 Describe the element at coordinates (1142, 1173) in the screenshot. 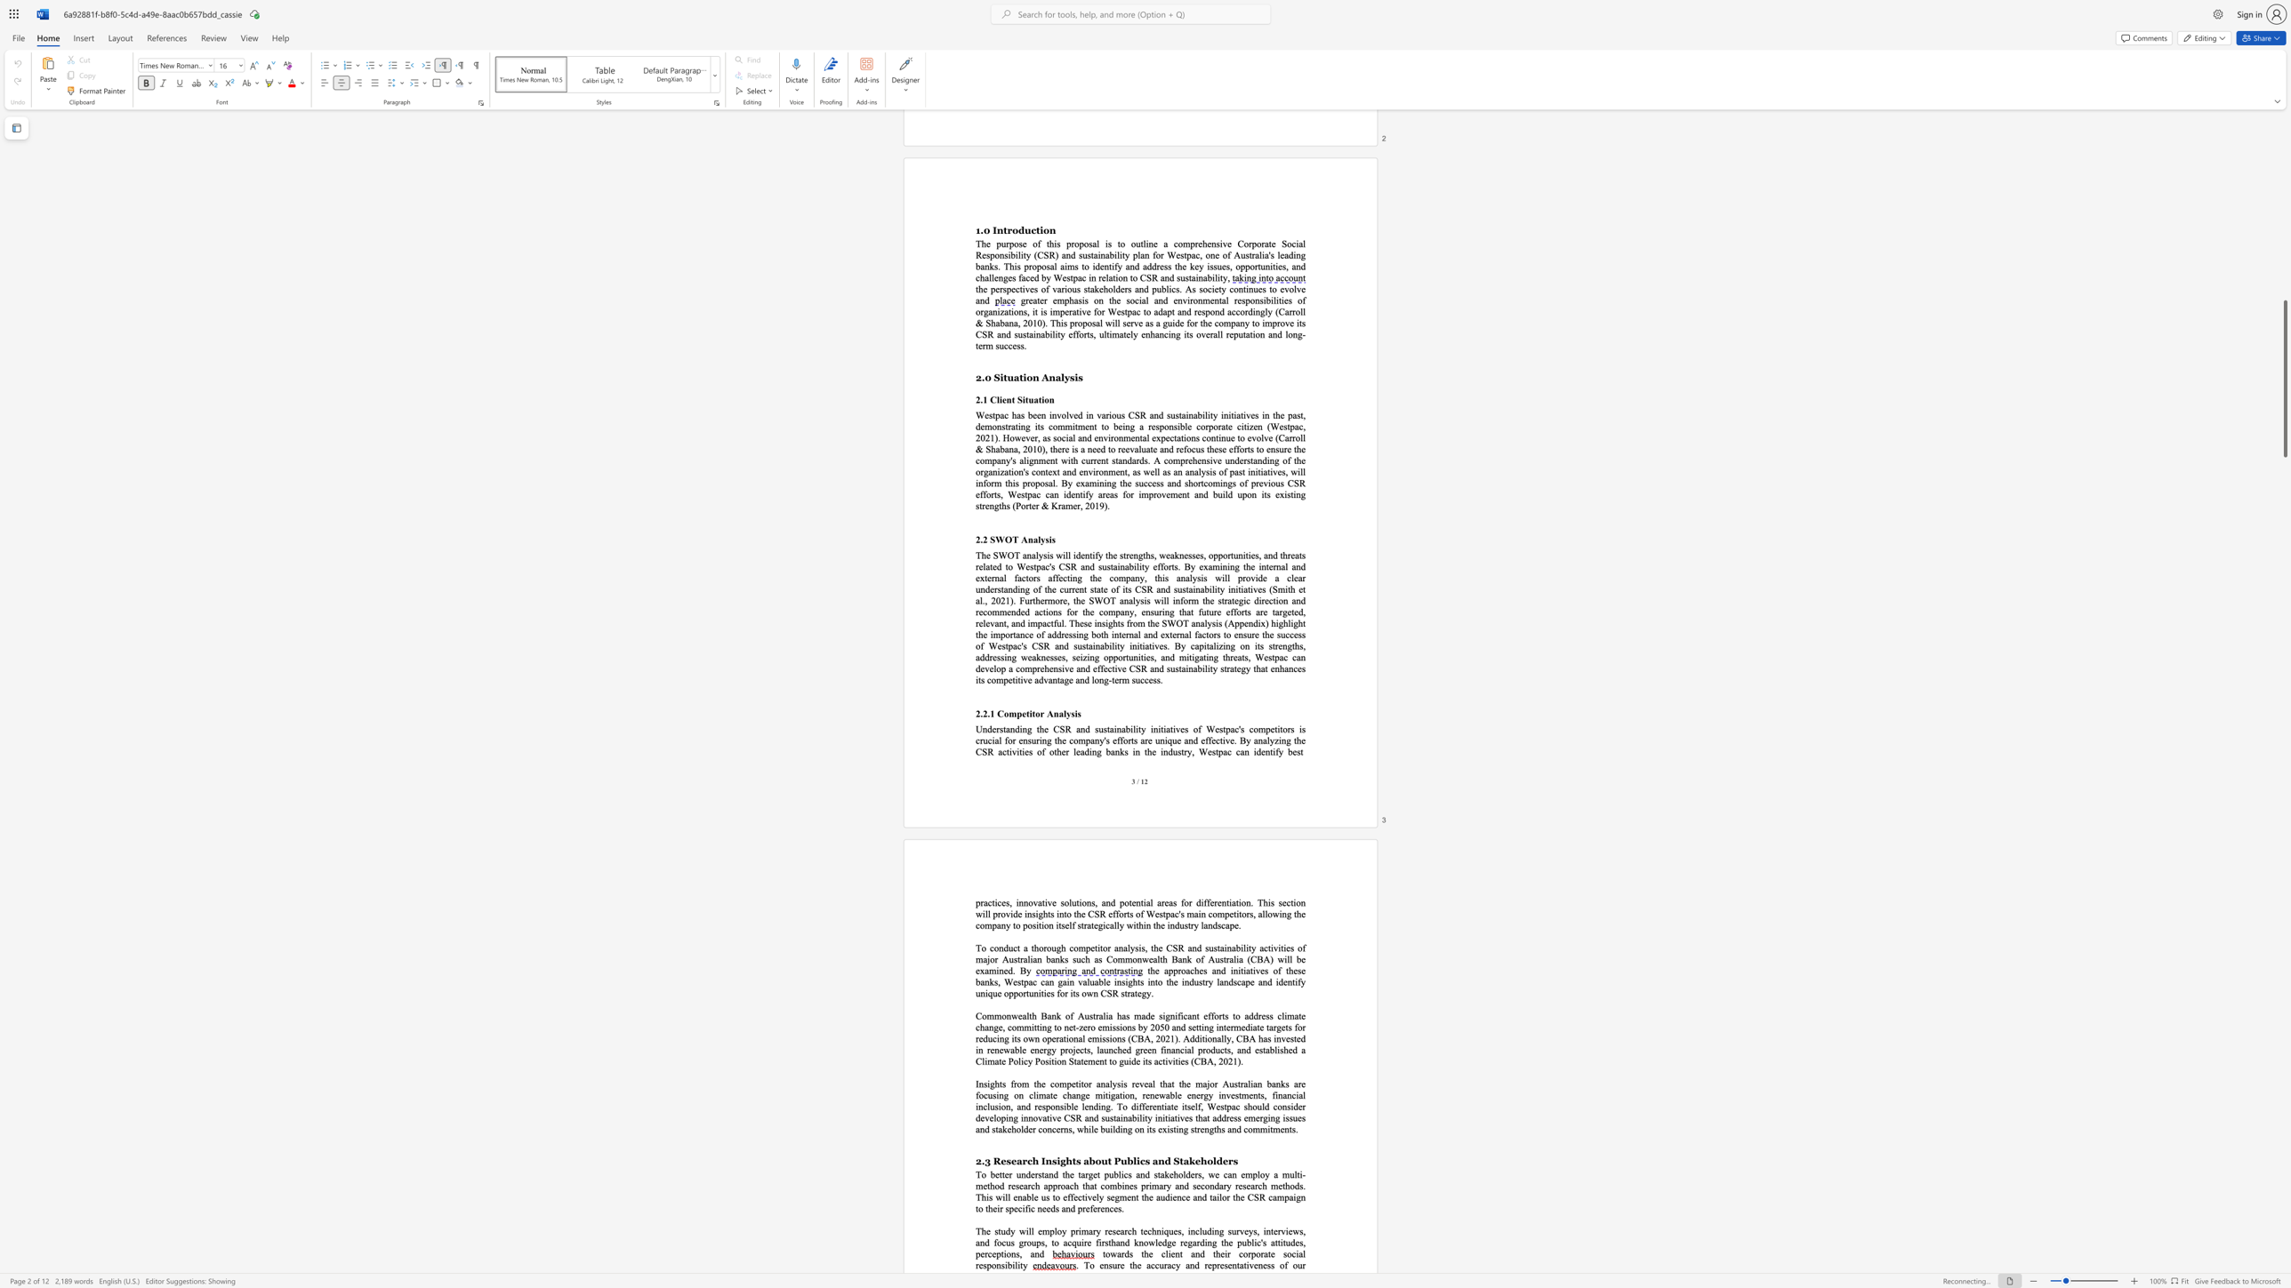

I see `the 3th character "n" in the text` at that location.